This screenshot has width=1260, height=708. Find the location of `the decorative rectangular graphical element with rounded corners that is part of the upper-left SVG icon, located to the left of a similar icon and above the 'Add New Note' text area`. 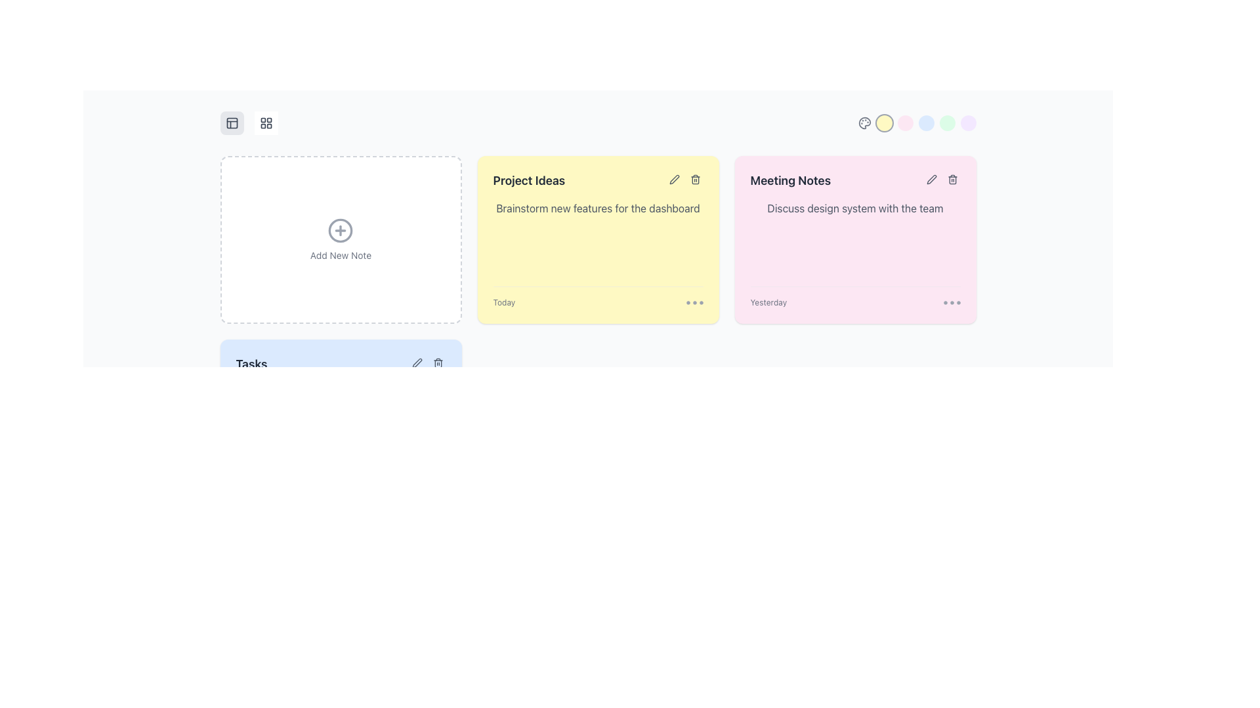

the decorative rectangular graphical element with rounded corners that is part of the upper-left SVG icon, located to the left of a similar icon and above the 'Add New Note' text area is located at coordinates (232, 123).